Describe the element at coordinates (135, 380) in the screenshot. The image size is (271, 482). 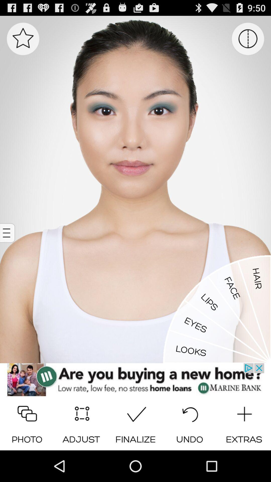
I see `the marine bank website` at that location.